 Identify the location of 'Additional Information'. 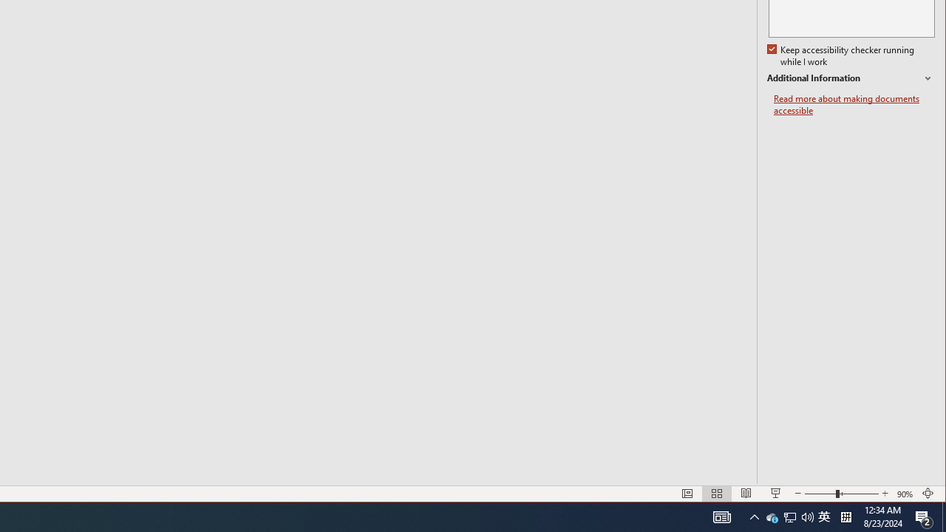
(851, 78).